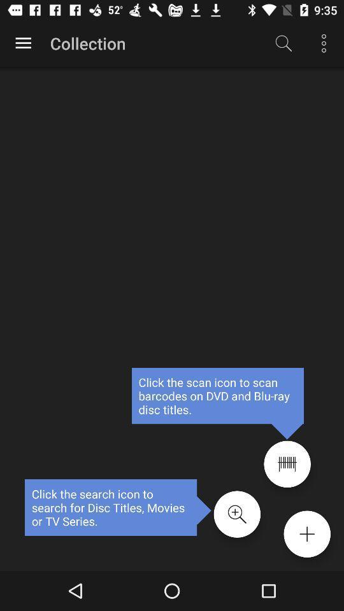 The height and width of the screenshot is (611, 344). What do you see at coordinates (23, 43) in the screenshot?
I see `option` at bounding box center [23, 43].